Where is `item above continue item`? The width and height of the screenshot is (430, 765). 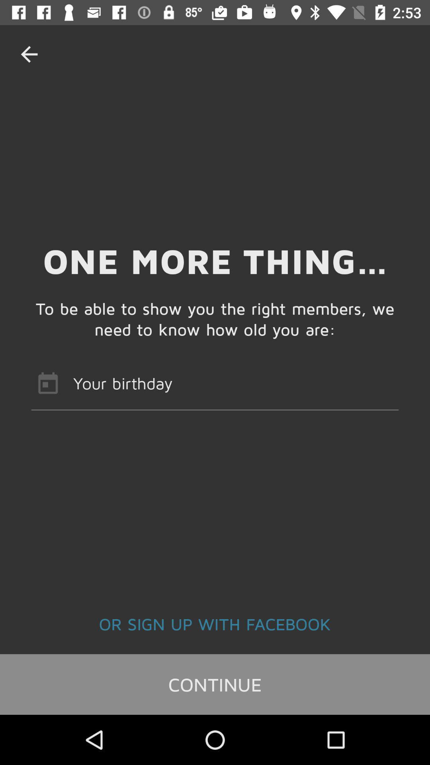
item above continue item is located at coordinates (215, 623).